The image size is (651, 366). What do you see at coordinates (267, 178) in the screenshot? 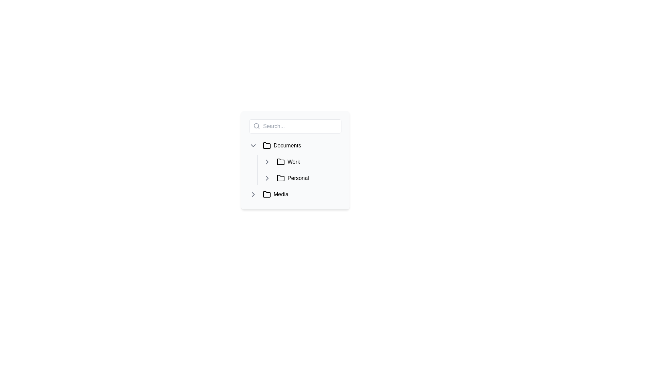
I see `the rightward-pointing chevron icon indicating navigation or expansion, located next to the 'Personal' folder in the 'Documents' section of the hierarchical tree view` at bounding box center [267, 178].